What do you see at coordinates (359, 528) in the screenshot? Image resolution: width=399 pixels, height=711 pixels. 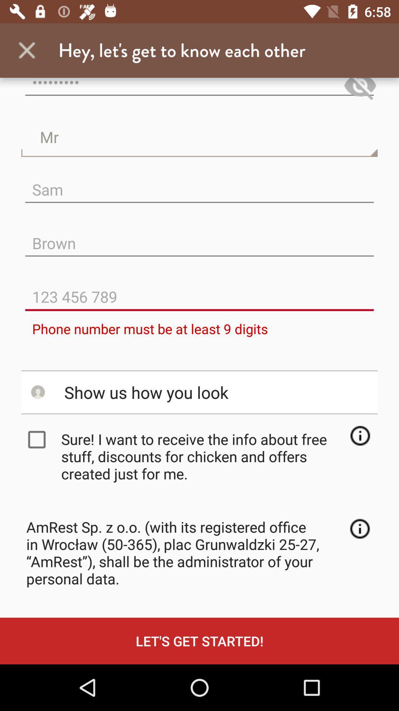 I see `information button` at bounding box center [359, 528].